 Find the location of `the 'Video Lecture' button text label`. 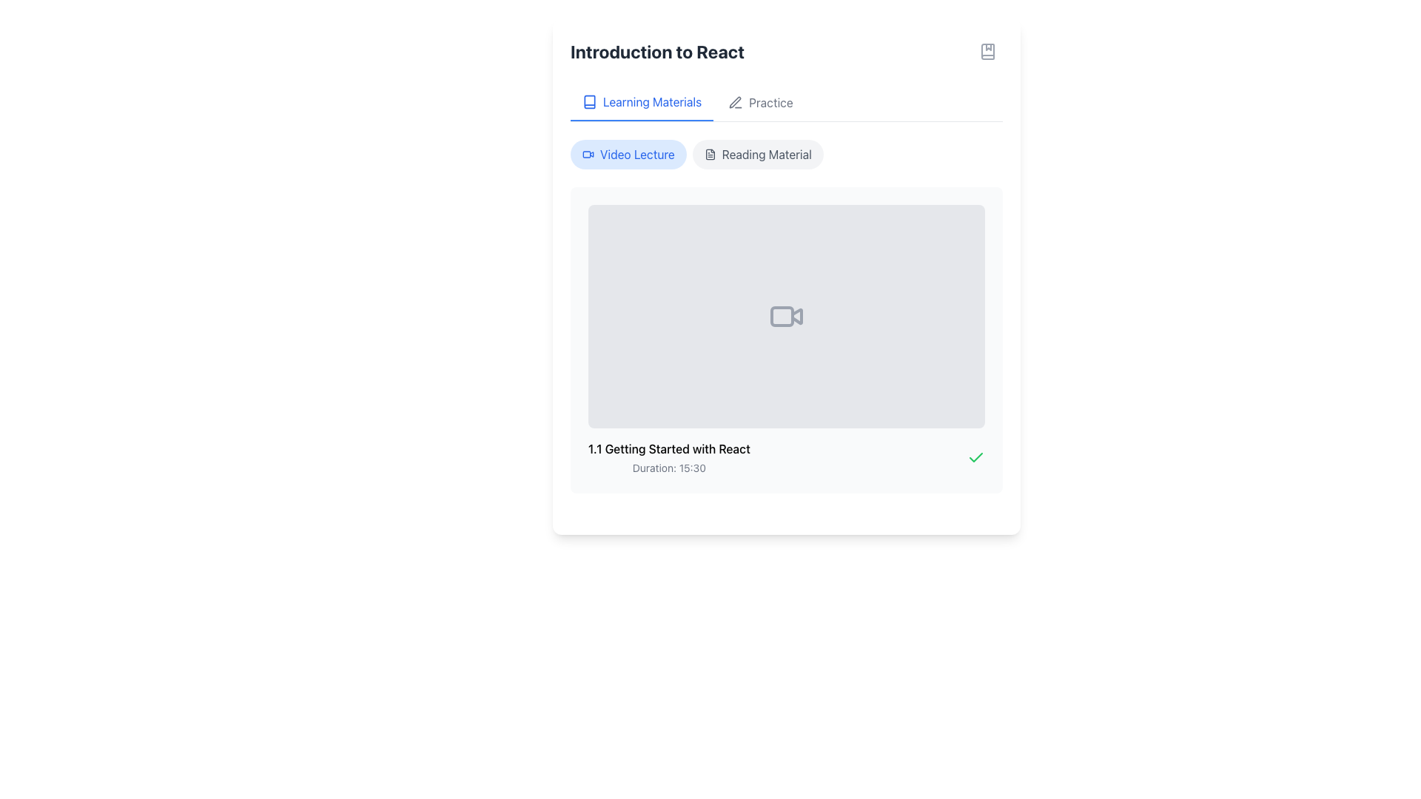

the 'Video Lecture' button text label is located at coordinates (637, 154).